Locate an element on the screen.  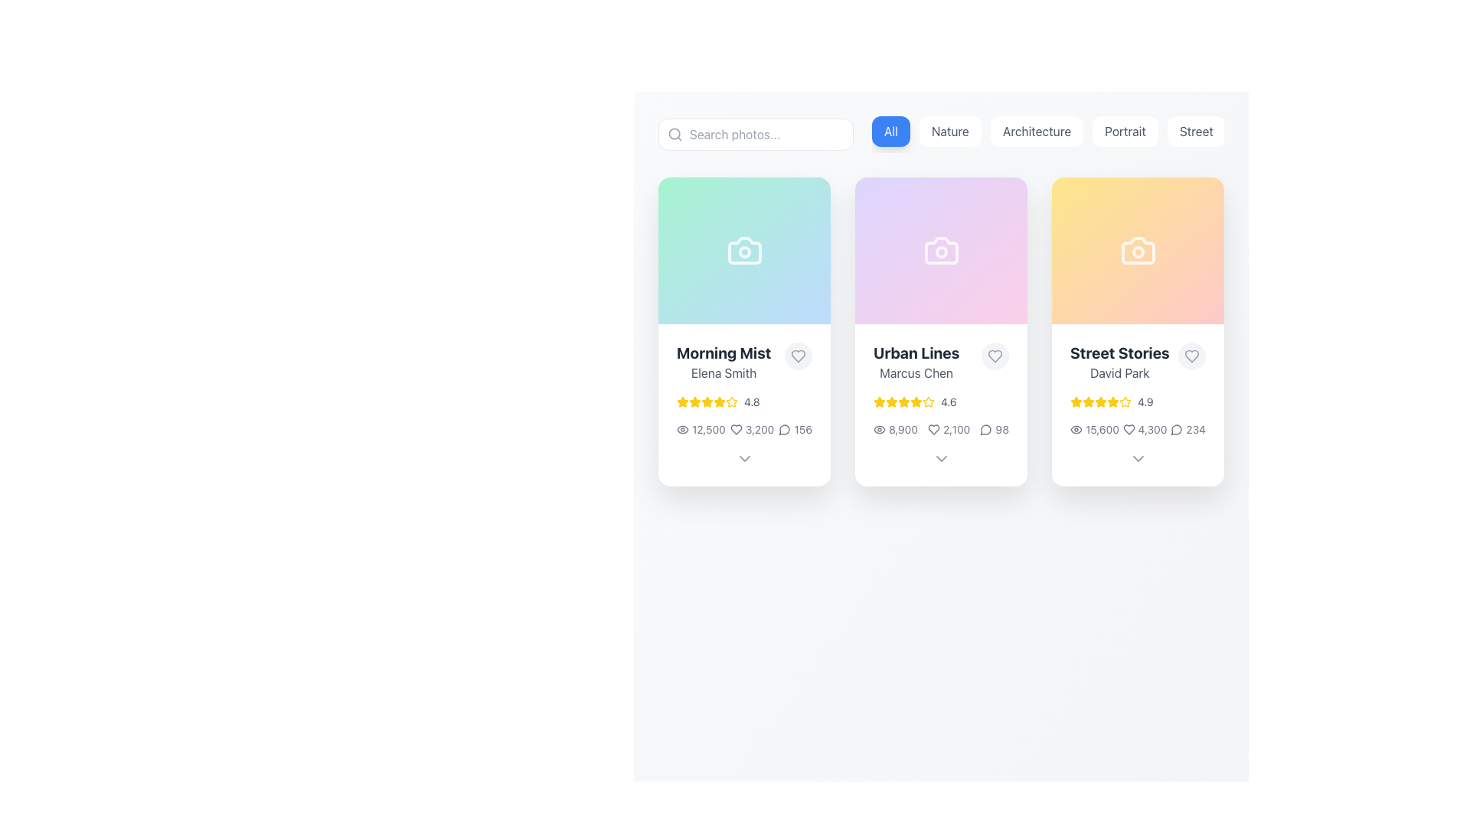
the text label displaying '4.8' next to the yellow rating stars in the 'Morning Mist' card layout is located at coordinates (752, 401).